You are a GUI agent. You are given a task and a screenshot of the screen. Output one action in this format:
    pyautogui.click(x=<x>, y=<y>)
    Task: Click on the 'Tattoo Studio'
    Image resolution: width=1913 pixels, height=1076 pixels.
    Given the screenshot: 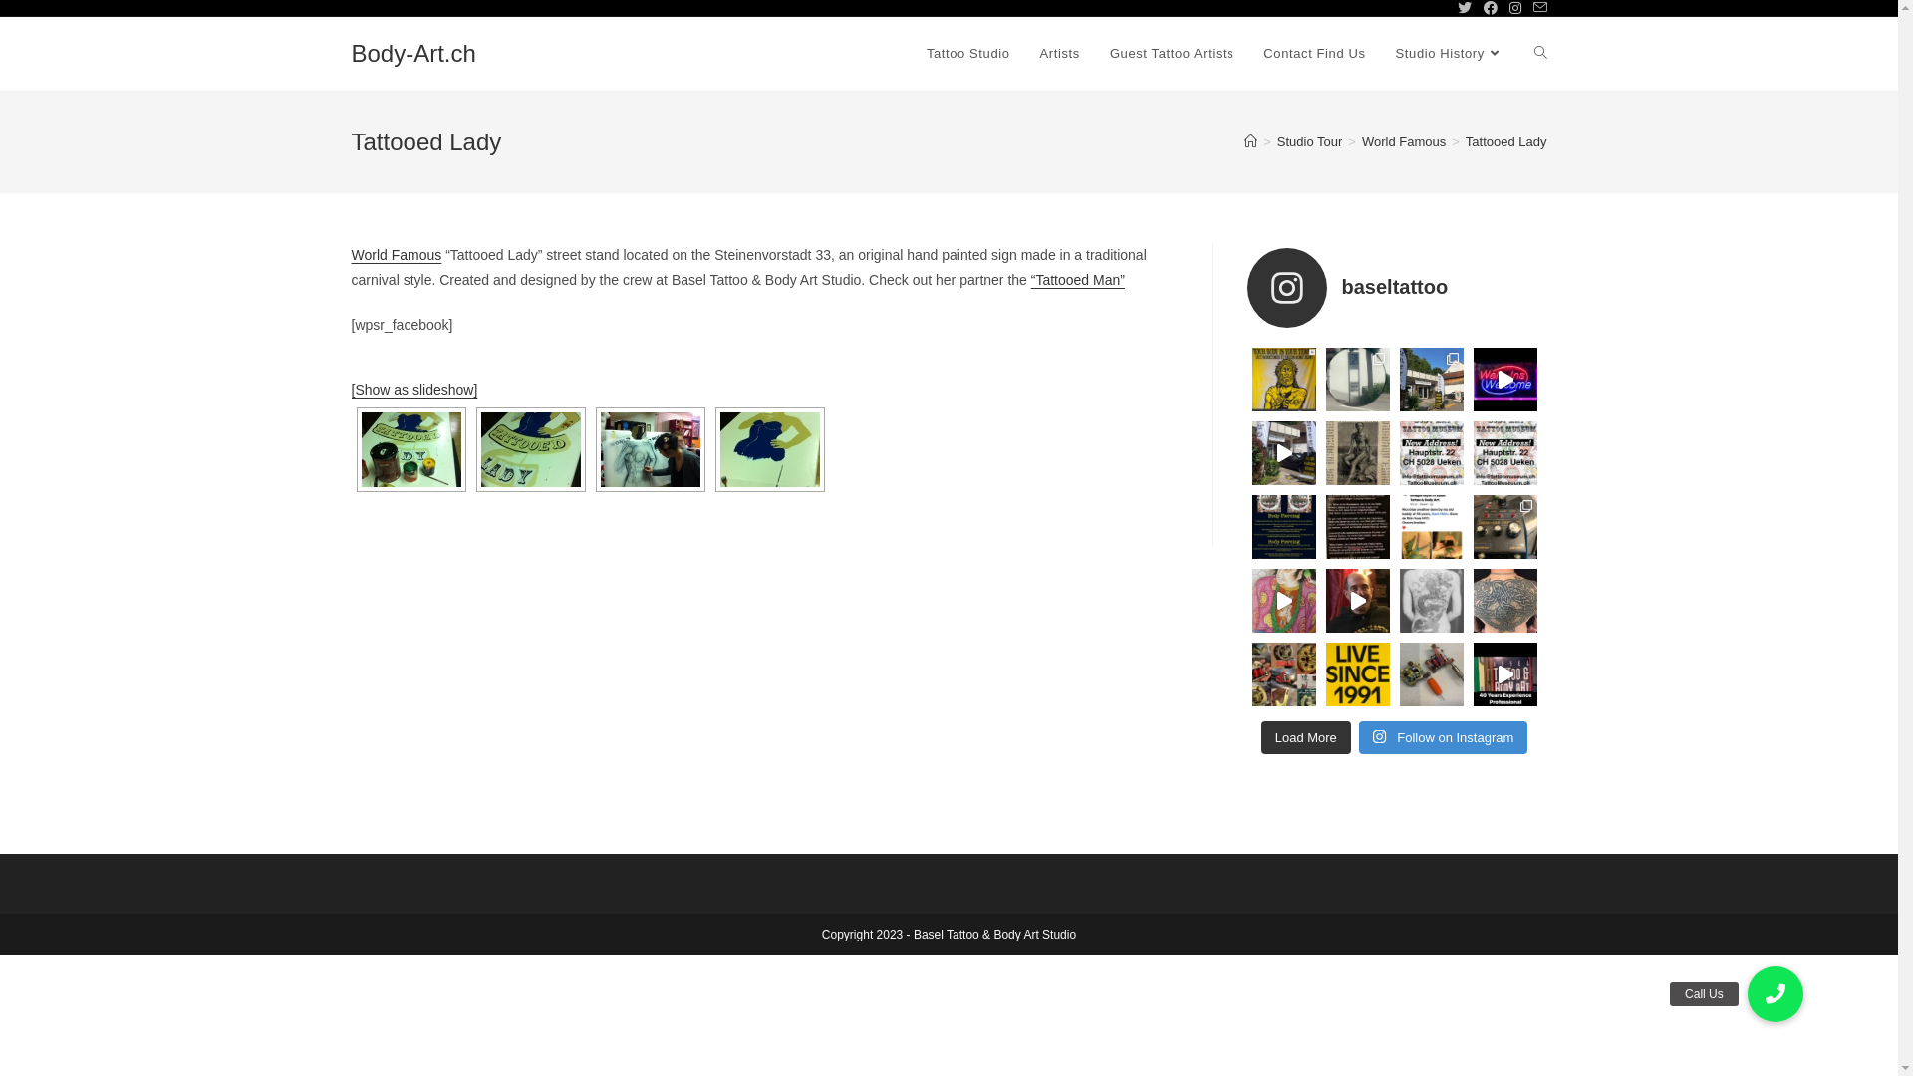 What is the action you would take?
    pyautogui.click(x=967, y=53)
    